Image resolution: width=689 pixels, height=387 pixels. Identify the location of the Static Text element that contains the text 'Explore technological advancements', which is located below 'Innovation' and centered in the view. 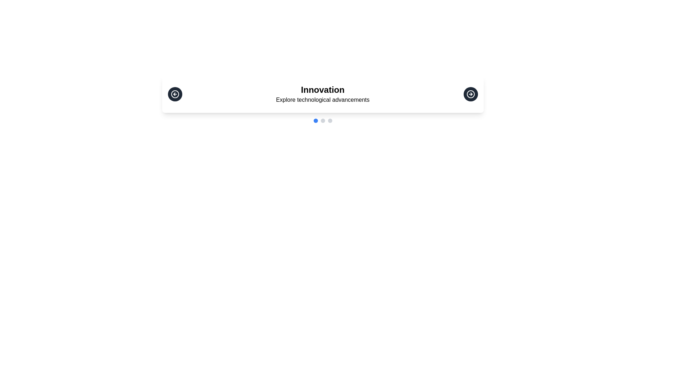
(322, 100).